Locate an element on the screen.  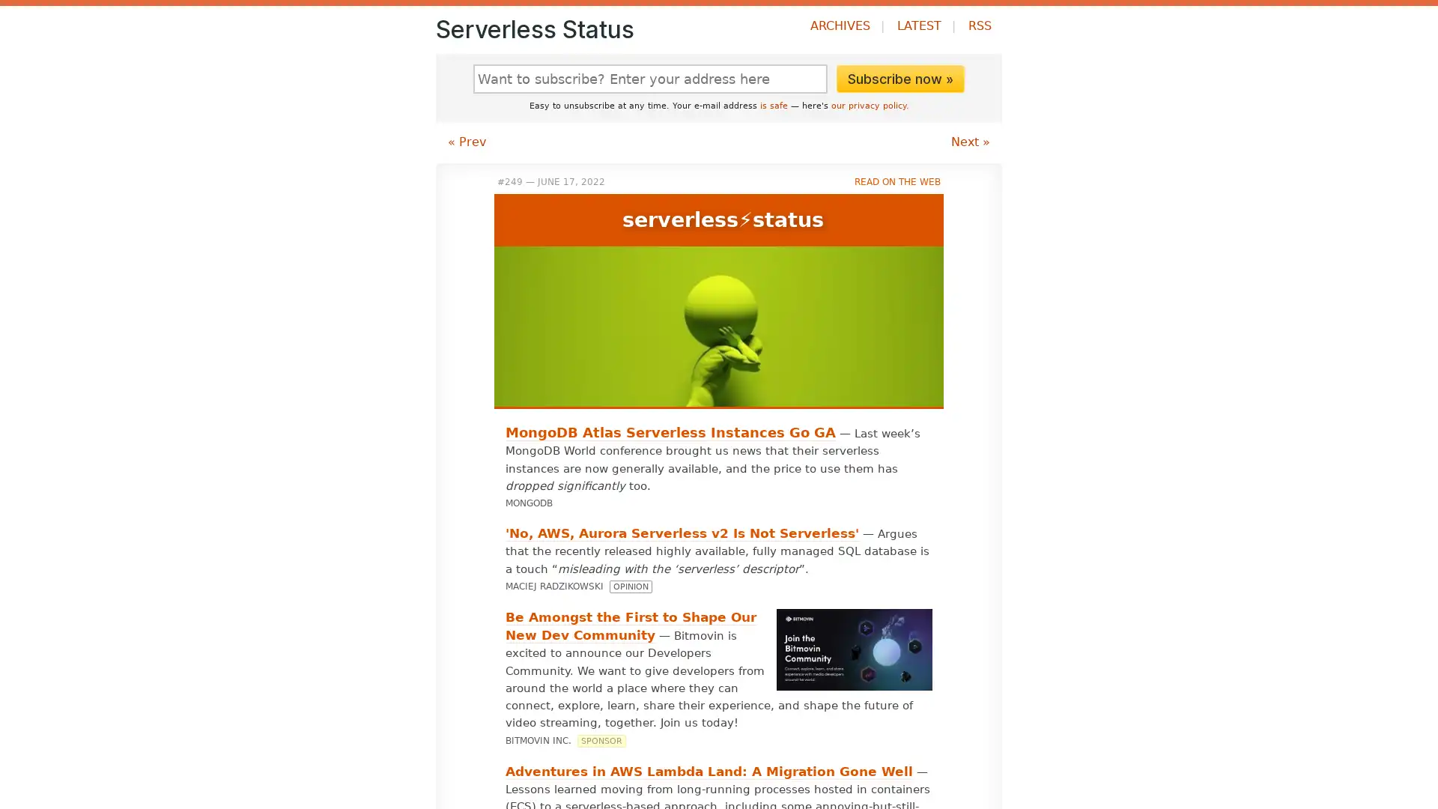
Subscribe now is located at coordinates (899, 79).